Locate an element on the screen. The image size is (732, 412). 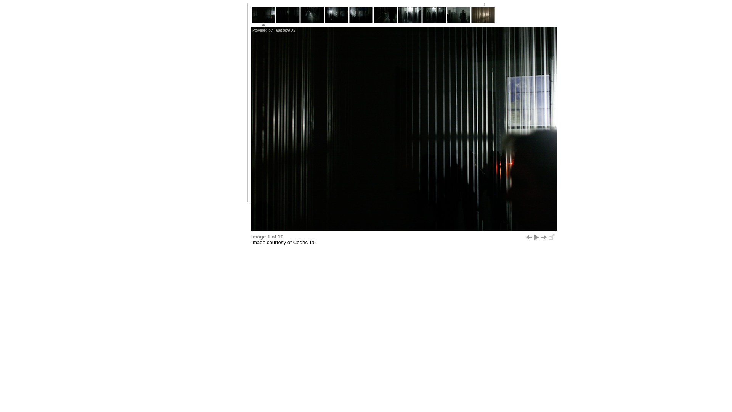
'Expand to actual size (f)' is located at coordinates (551, 237).